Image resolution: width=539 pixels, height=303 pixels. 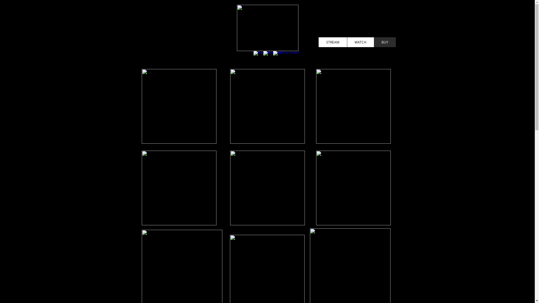 What do you see at coordinates (332, 42) in the screenshot?
I see `'STREAM'` at bounding box center [332, 42].